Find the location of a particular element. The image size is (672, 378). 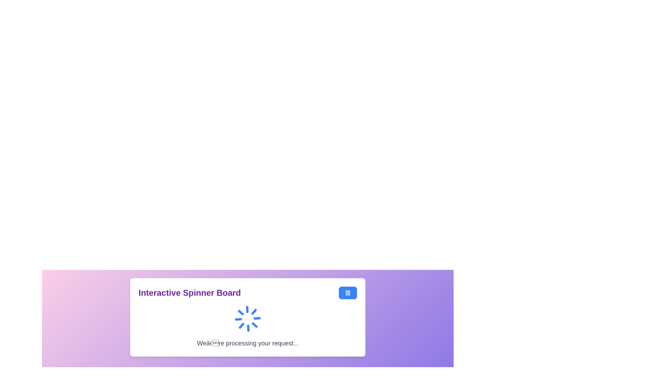

small chevron-shaped decorative vector graphic element located in the bottom-right quadrant of the spinner for debugging purposes is located at coordinates (254, 325).